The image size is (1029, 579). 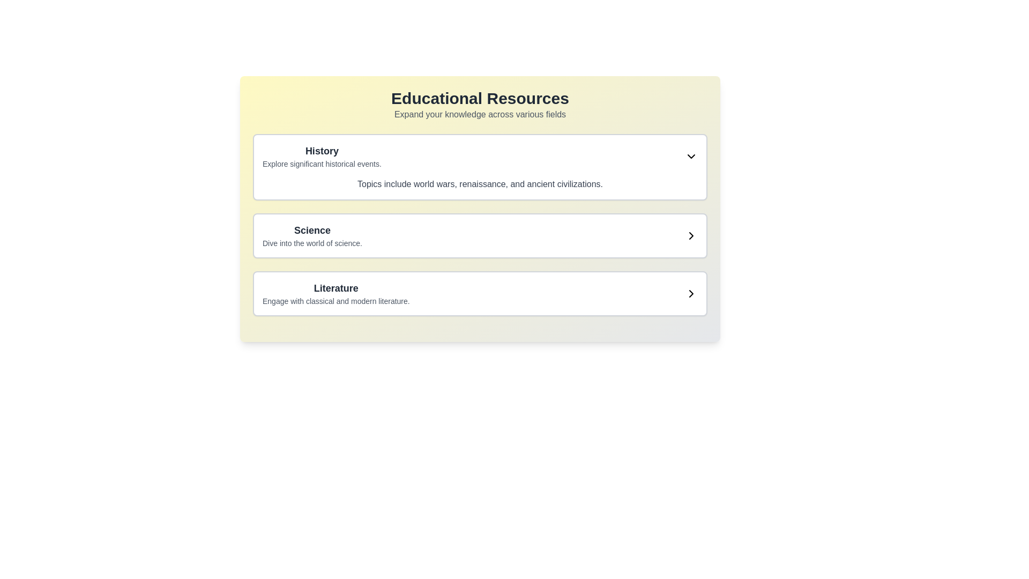 I want to click on the Dropdown Indicator Icon located on the right edge of the 'History' section, so click(x=691, y=157).